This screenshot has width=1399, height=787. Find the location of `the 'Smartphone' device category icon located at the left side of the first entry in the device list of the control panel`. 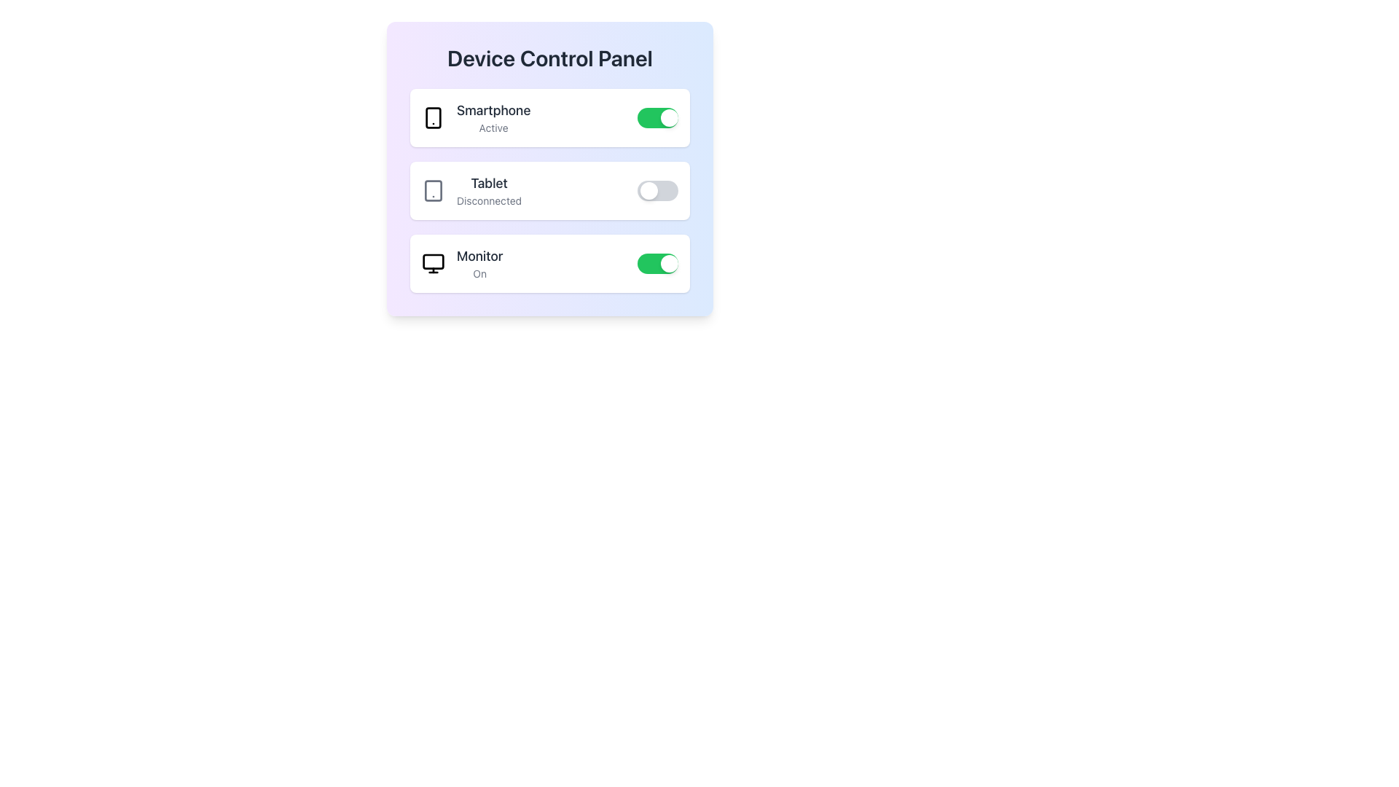

the 'Smartphone' device category icon located at the left side of the first entry in the device list of the control panel is located at coordinates (433, 117).